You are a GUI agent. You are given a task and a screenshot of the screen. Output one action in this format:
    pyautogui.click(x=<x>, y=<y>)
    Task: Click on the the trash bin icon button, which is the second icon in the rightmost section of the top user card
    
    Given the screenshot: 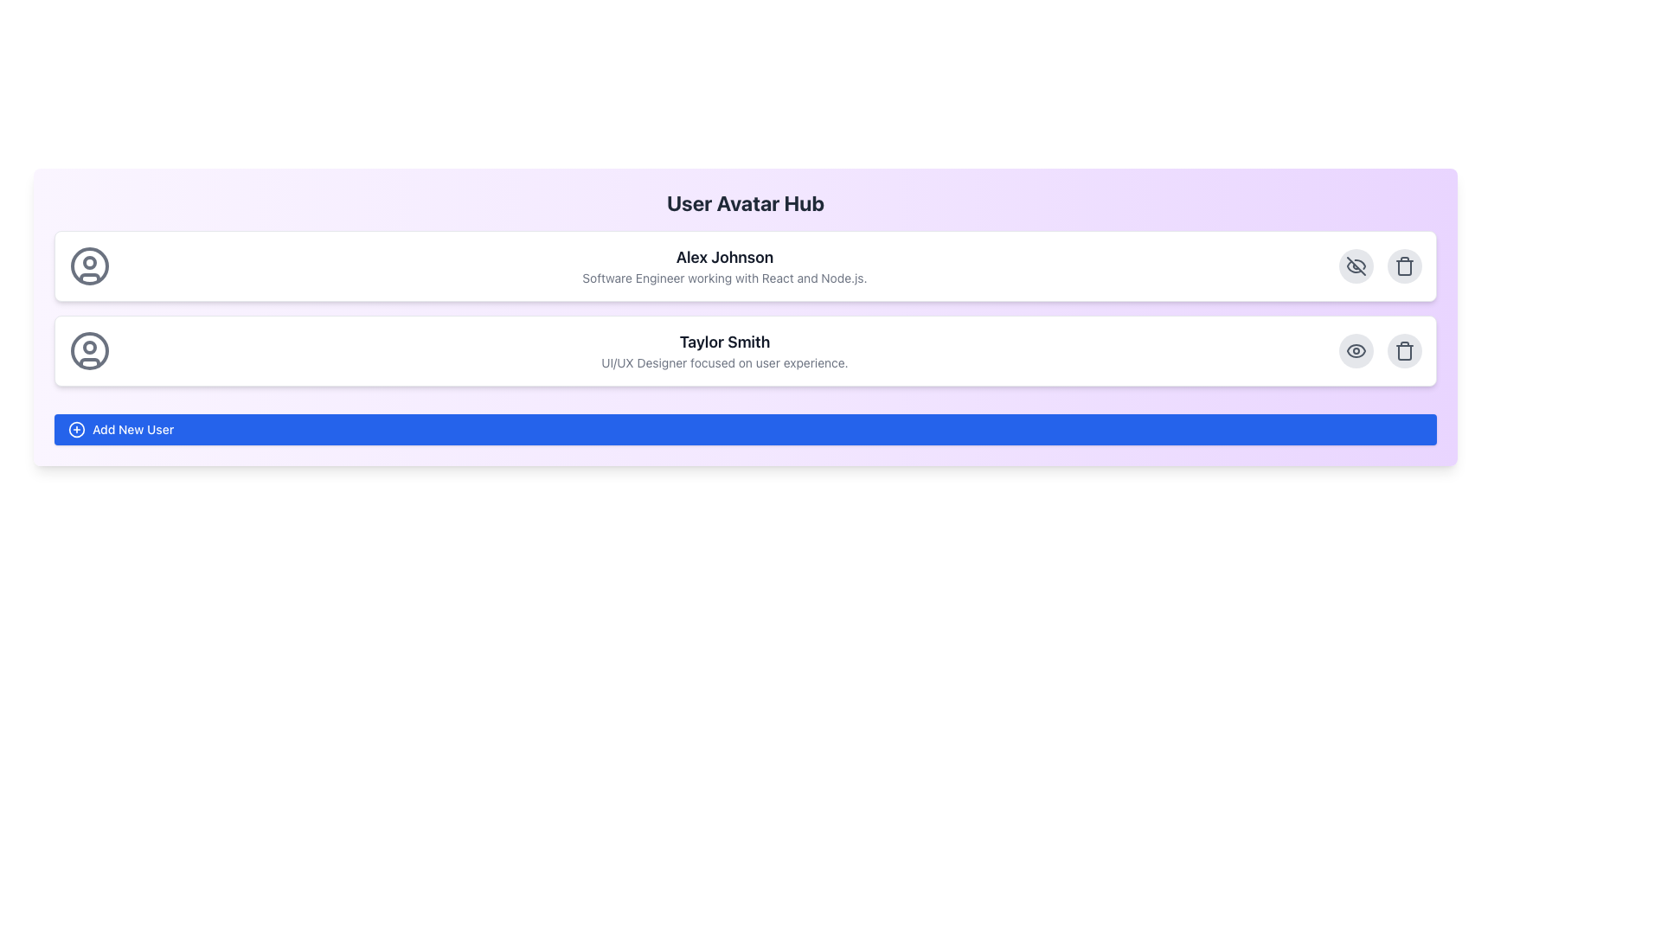 What is the action you would take?
    pyautogui.click(x=1404, y=266)
    